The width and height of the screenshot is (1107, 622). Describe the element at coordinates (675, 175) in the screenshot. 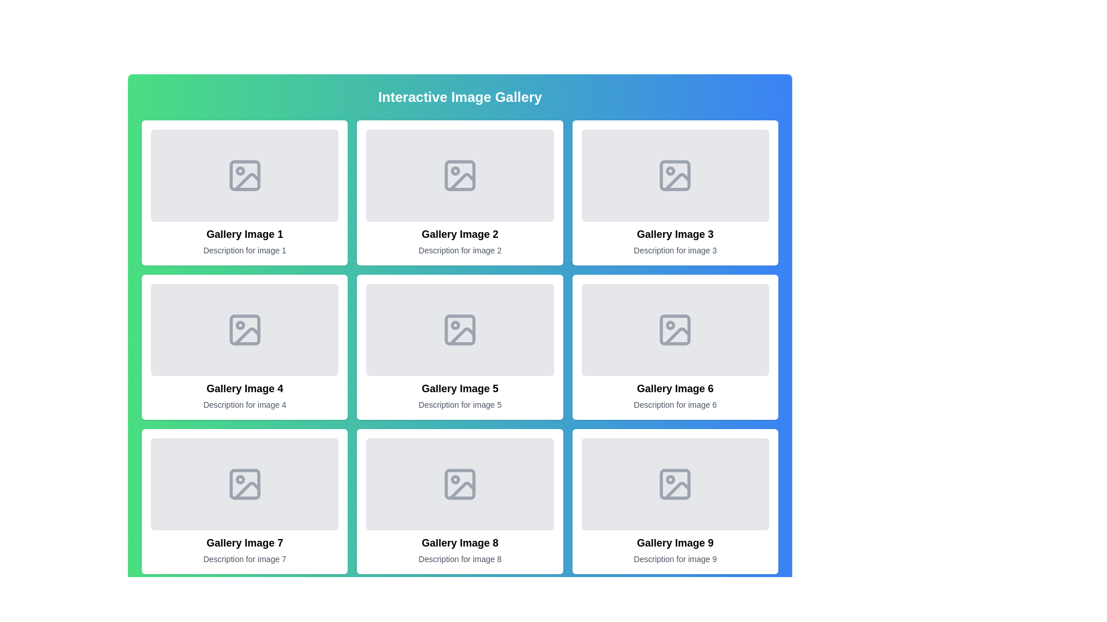

I see `the space around the rectangular graphical component inside the 'Gallery Image 3' placeholder icon located in the top-right corner of the grid layout's first row` at that location.